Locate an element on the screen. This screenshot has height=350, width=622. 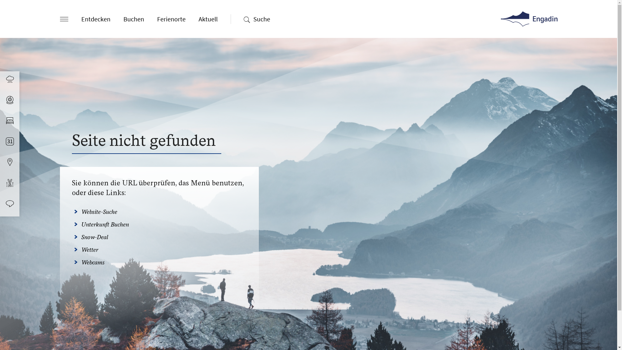
'Suche' is located at coordinates (261, 18).